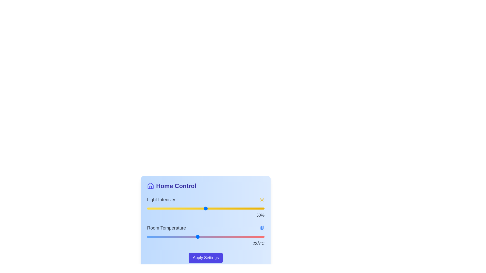 This screenshot has width=486, height=273. What do you see at coordinates (189, 209) in the screenshot?
I see `the light intensity slider to 36%` at bounding box center [189, 209].